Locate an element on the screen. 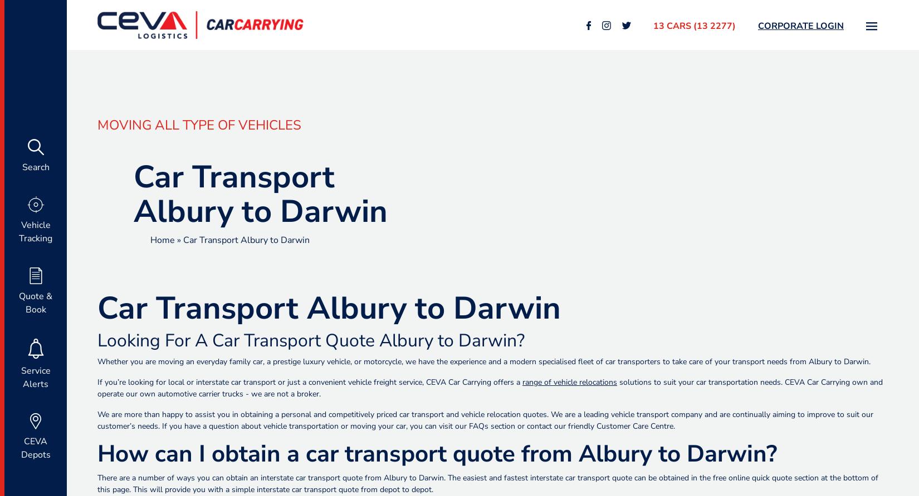 Image resolution: width=919 pixels, height=496 pixels. 'Moving all type of vehicles' is located at coordinates (199, 125).